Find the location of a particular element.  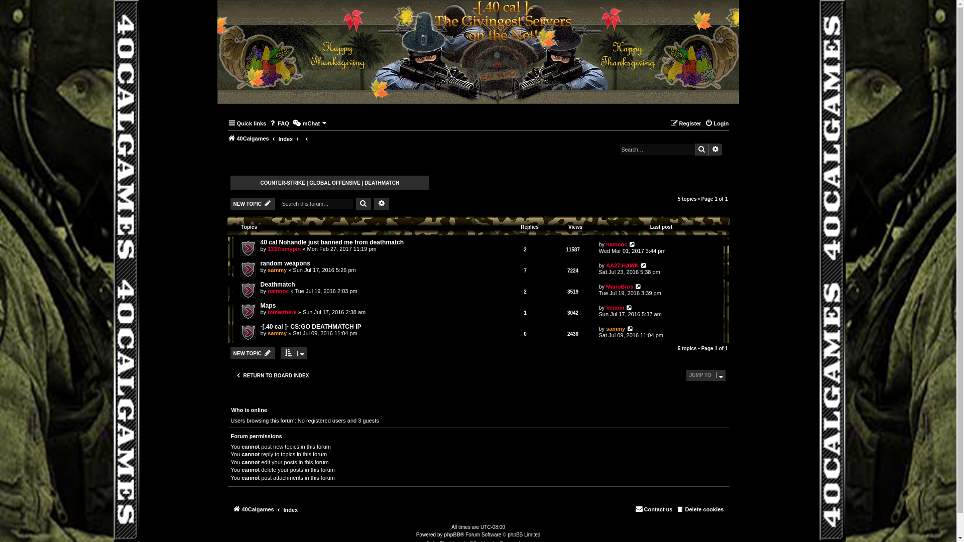

'Index' is located at coordinates (290, 509).